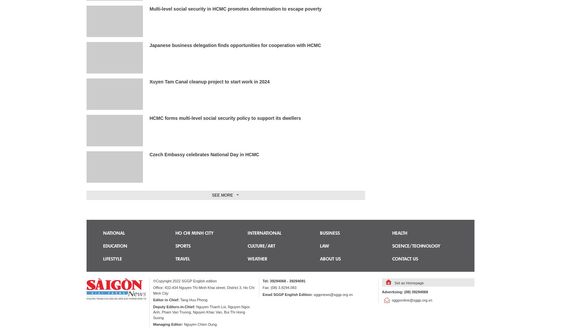  Describe the element at coordinates (392, 245) in the screenshot. I see `'Science/technology'` at that location.